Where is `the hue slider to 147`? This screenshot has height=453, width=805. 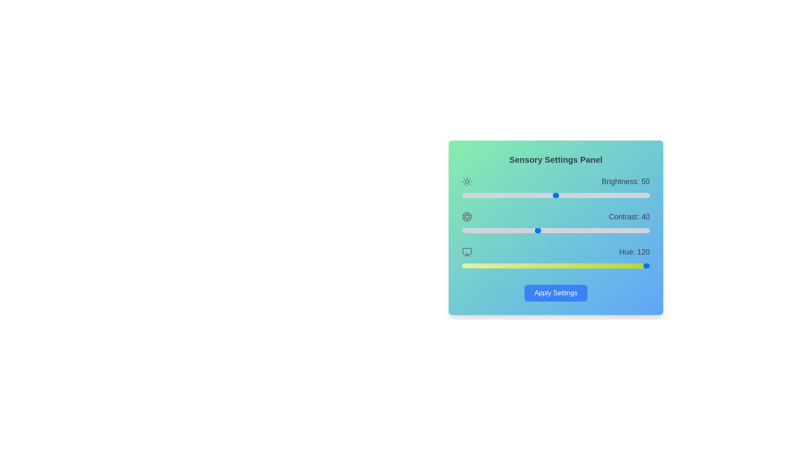 the hue slider to 147 is located at coordinates (538, 266).